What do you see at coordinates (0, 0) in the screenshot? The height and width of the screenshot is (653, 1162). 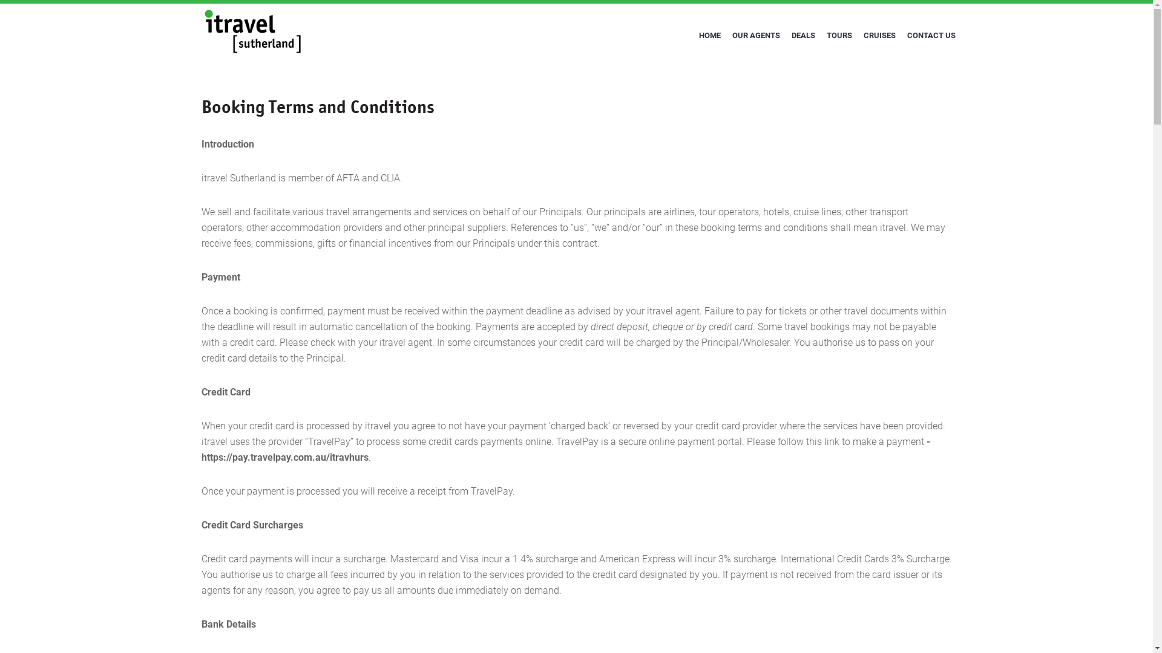 I see `'Skip to main content'` at bounding box center [0, 0].